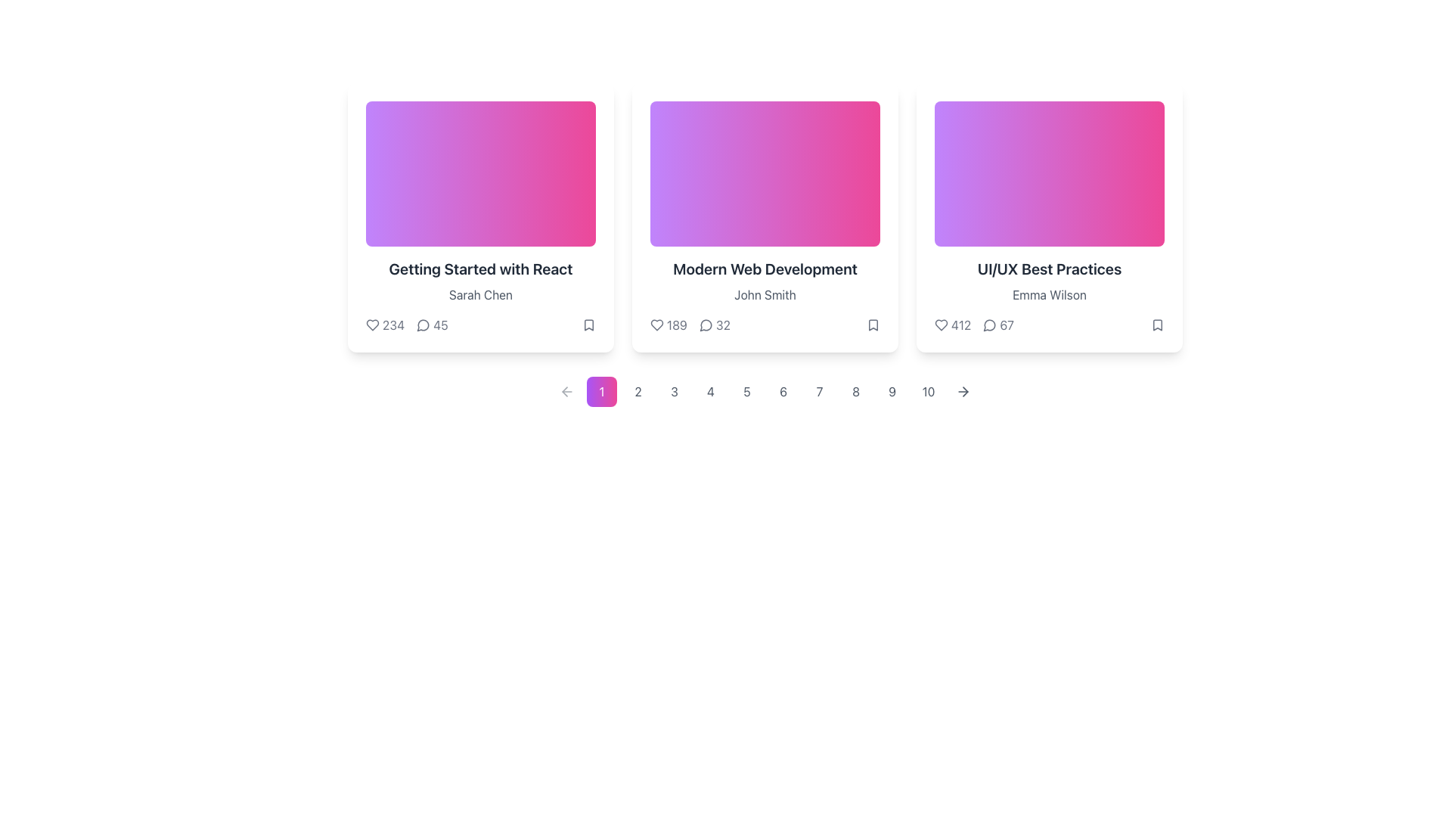 This screenshot has width=1452, height=817. I want to click on the first button in the sequence, which is a square button with rounded corners, styled with a gradient from purple to pink and displaying the number '1' in white text, so click(601, 390).